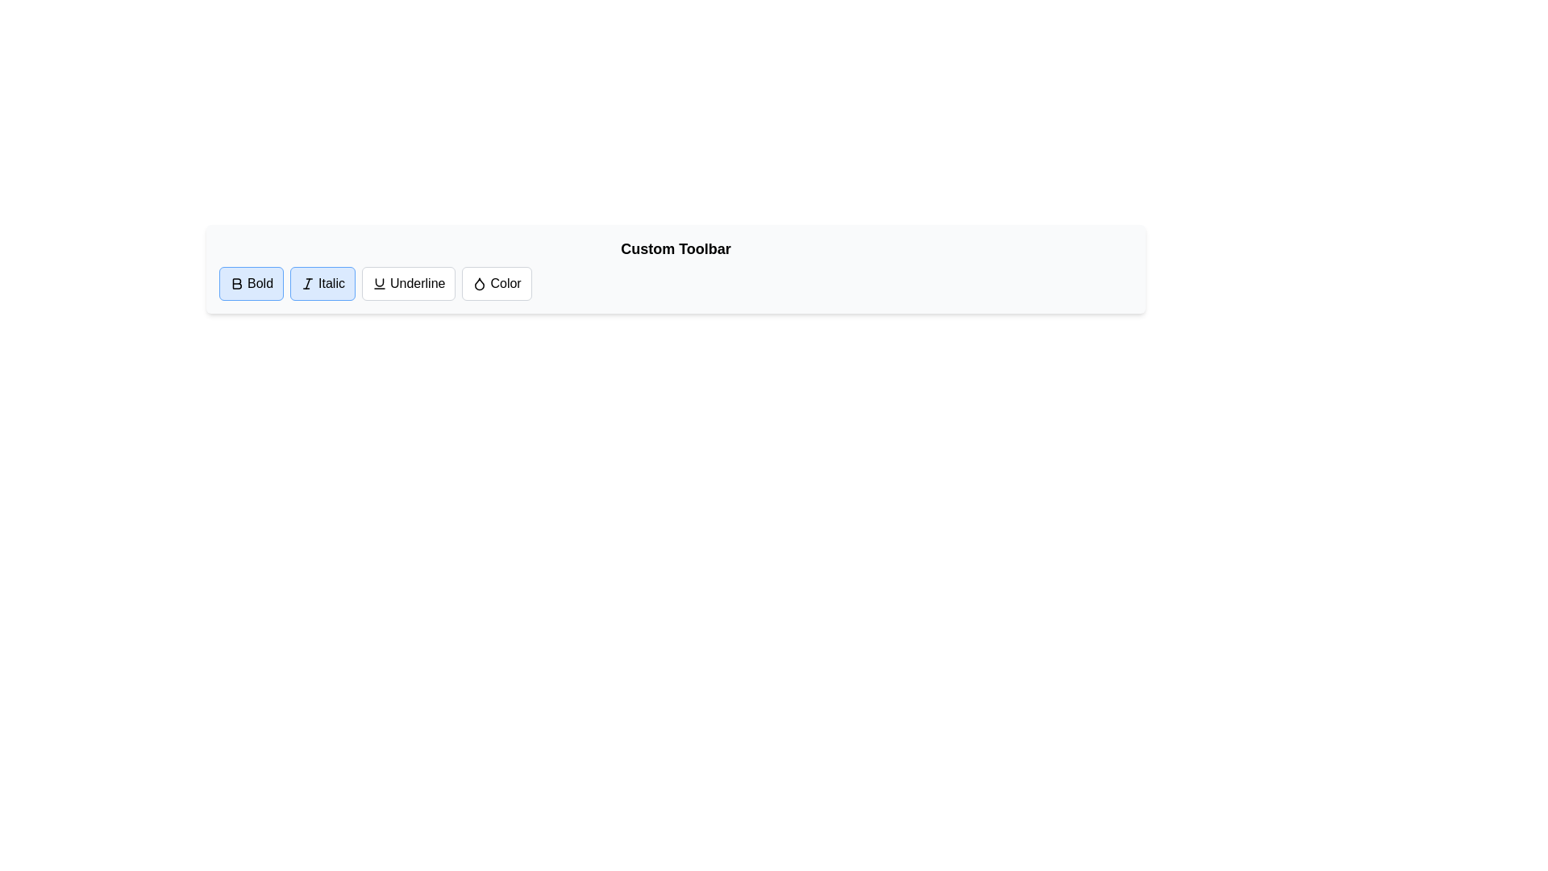 The height and width of the screenshot is (871, 1548). I want to click on the italicized 'I' icon in the formatting options toolbar, which is styled in a minimalistic manner and positioned second from the left, so click(308, 282).